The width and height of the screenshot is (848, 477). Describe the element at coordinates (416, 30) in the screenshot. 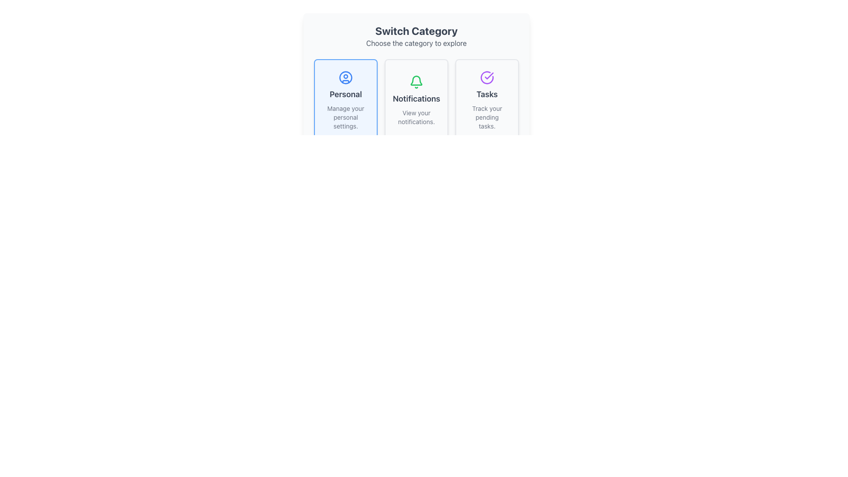

I see `the Text Label that serves as a heading to indicate the purpose of the section below, guiding users to select a category` at that location.